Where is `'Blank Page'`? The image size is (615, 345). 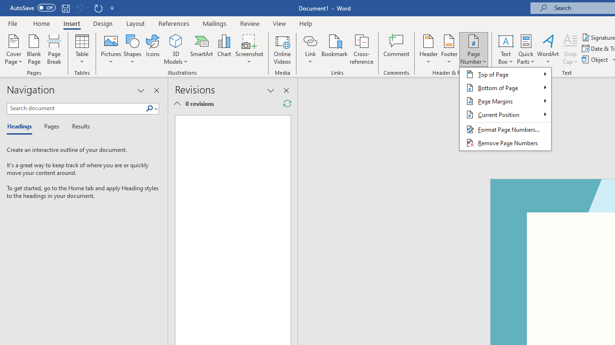 'Blank Page' is located at coordinates (34, 49).